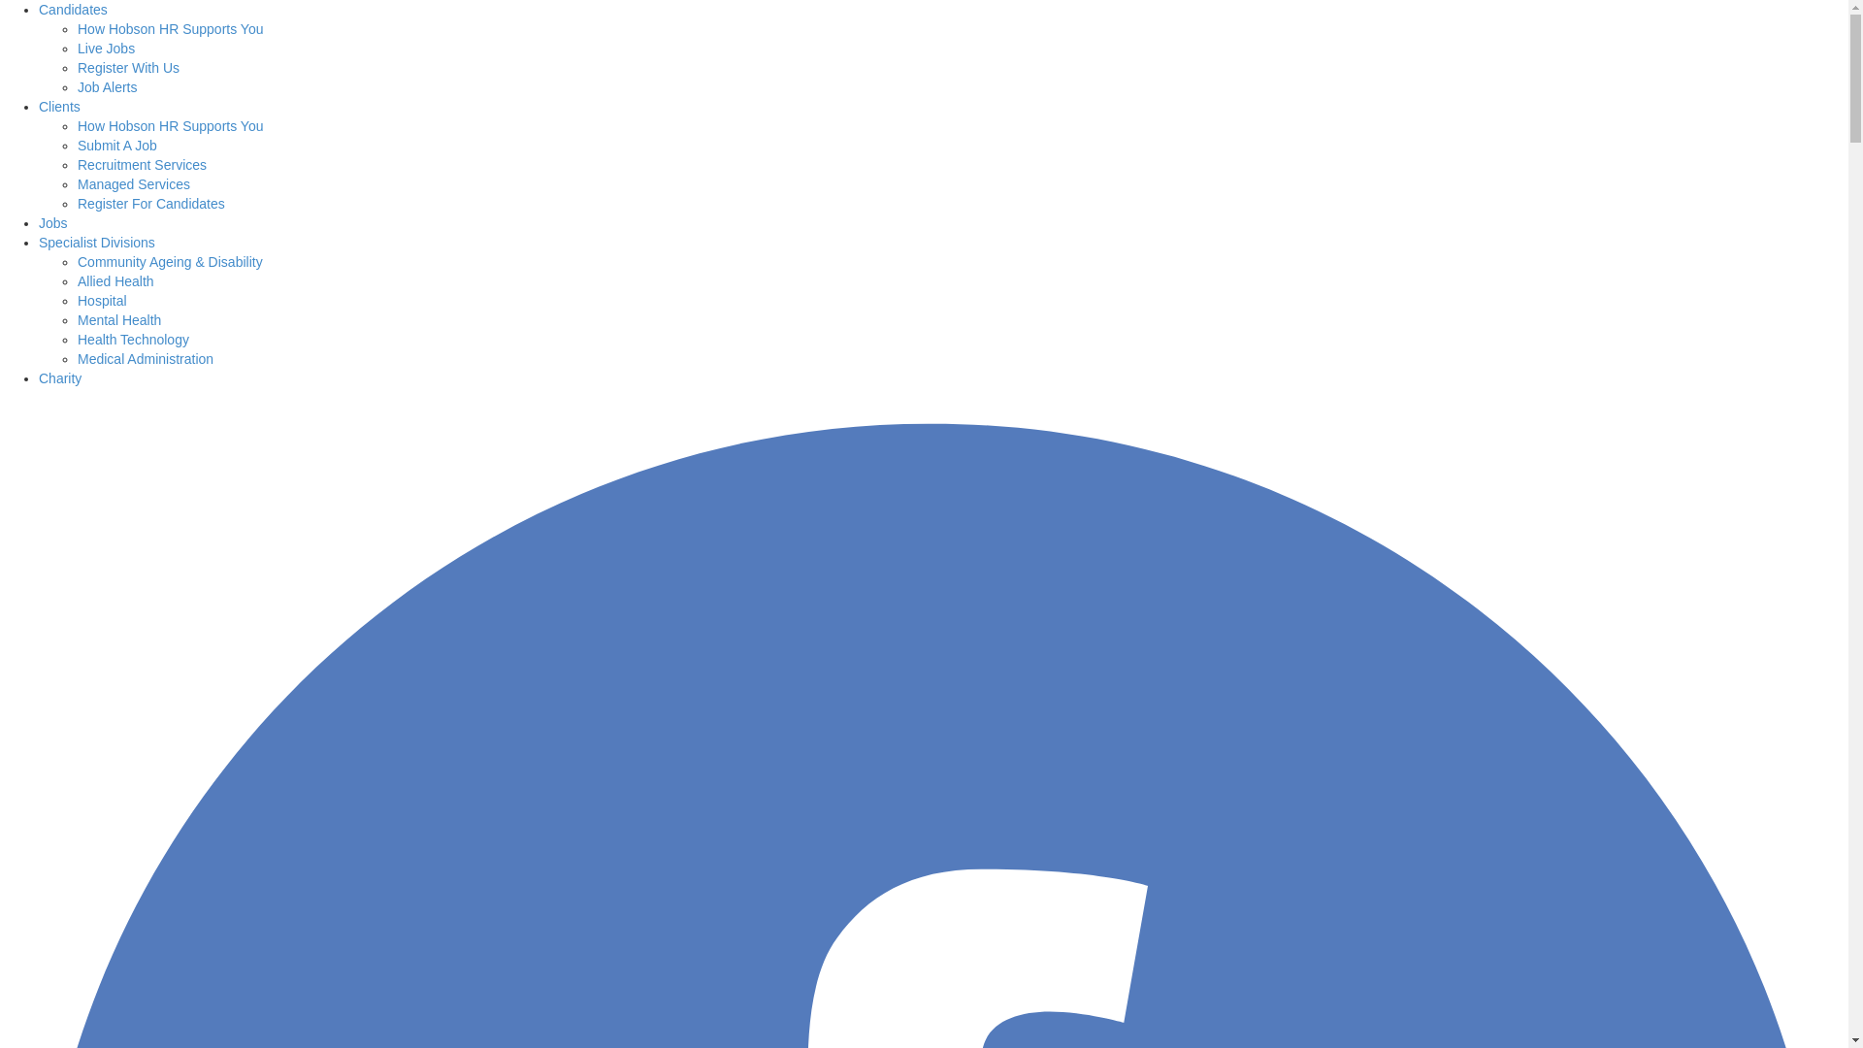 The height and width of the screenshot is (1048, 1863). Describe the element at coordinates (78, 319) in the screenshot. I see `'Mental Health'` at that location.